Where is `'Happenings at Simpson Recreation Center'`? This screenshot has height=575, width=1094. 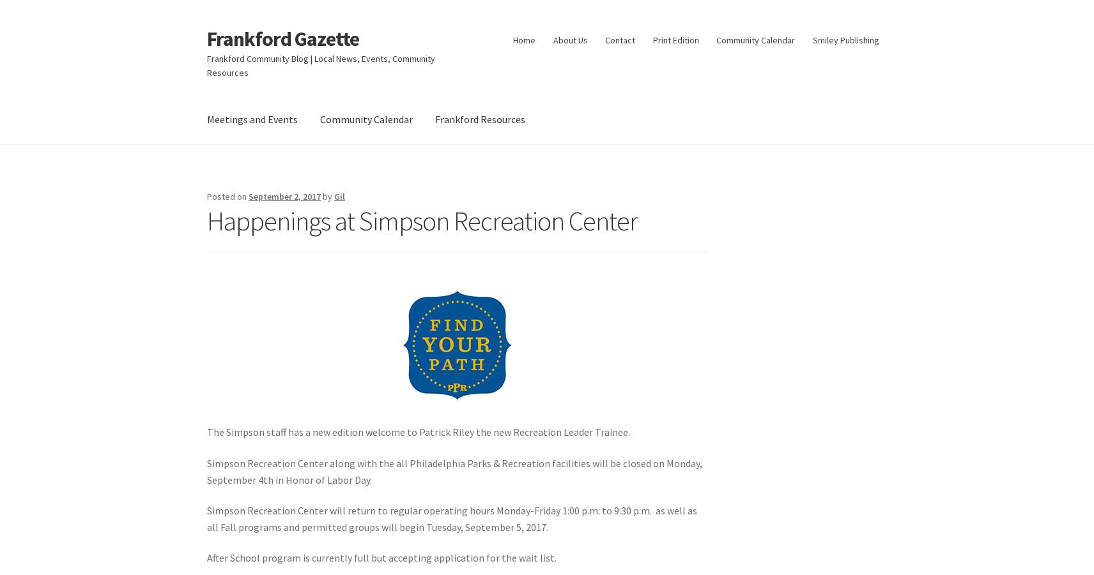 'Happenings at Simpson Recreation Center' is located at coordinates (207, 220).